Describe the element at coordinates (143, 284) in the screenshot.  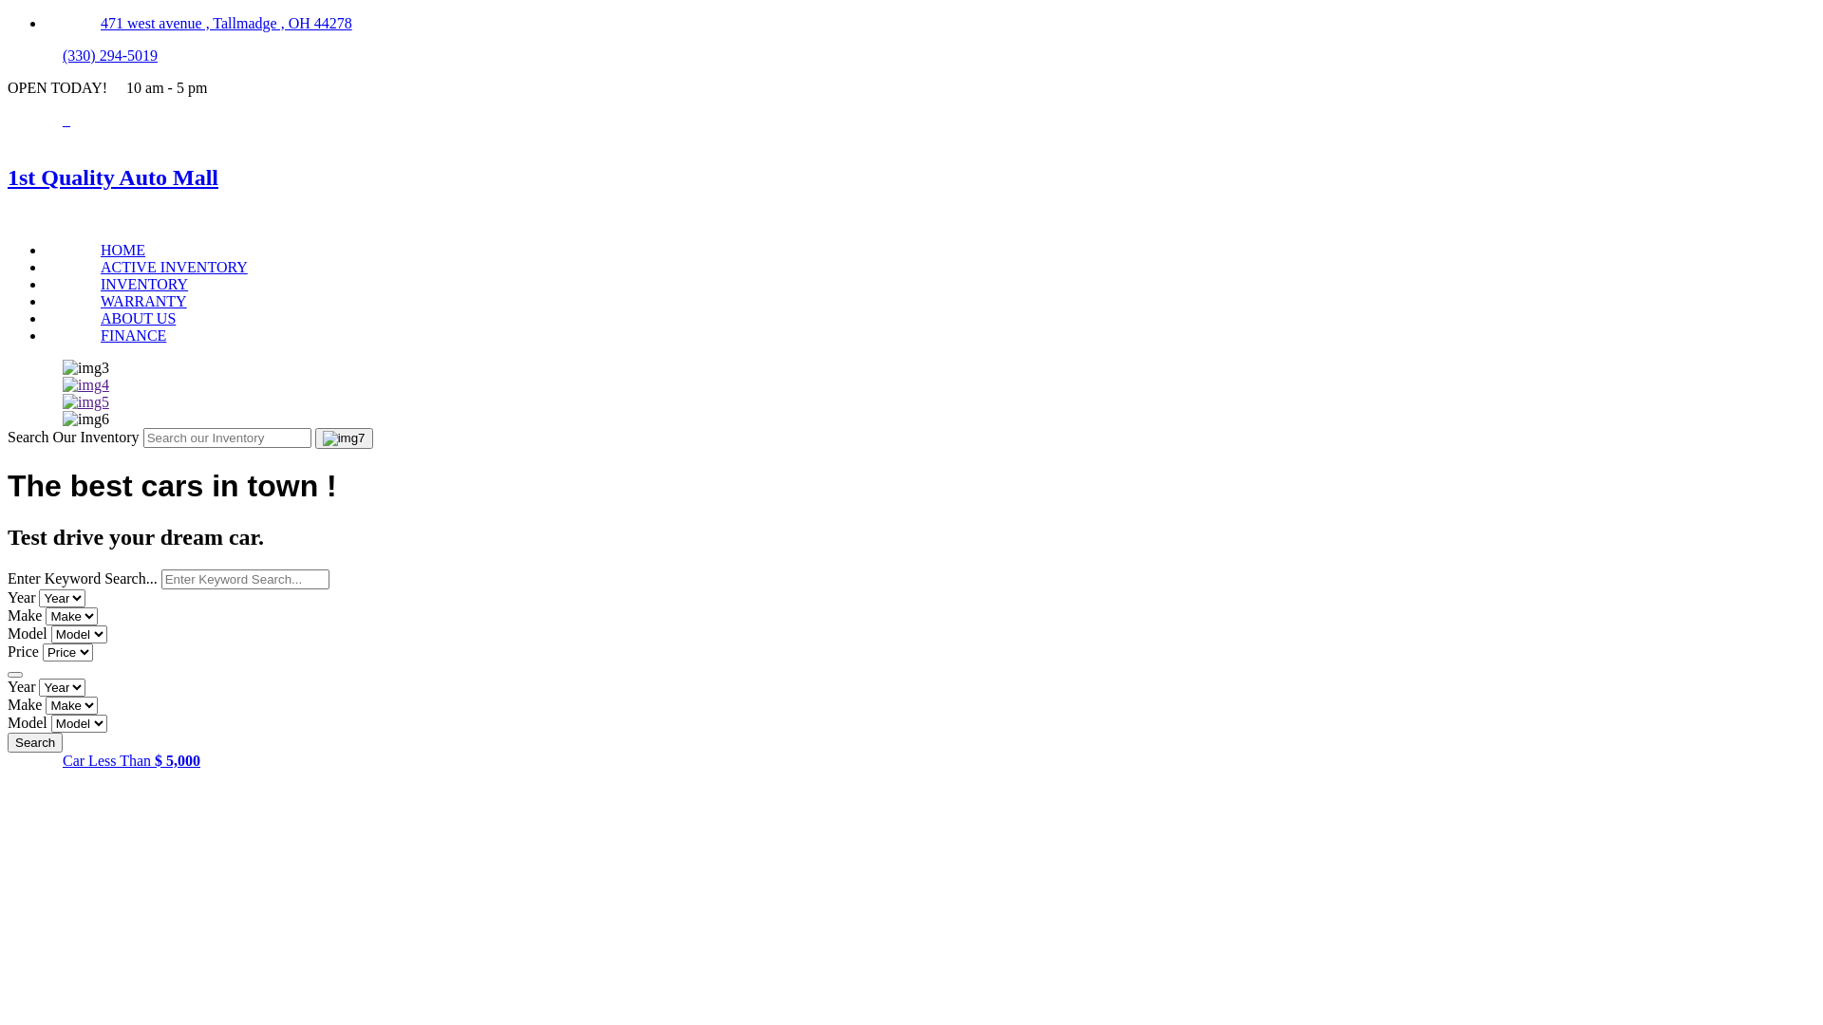
I see `'INVENTORY'` at that location.